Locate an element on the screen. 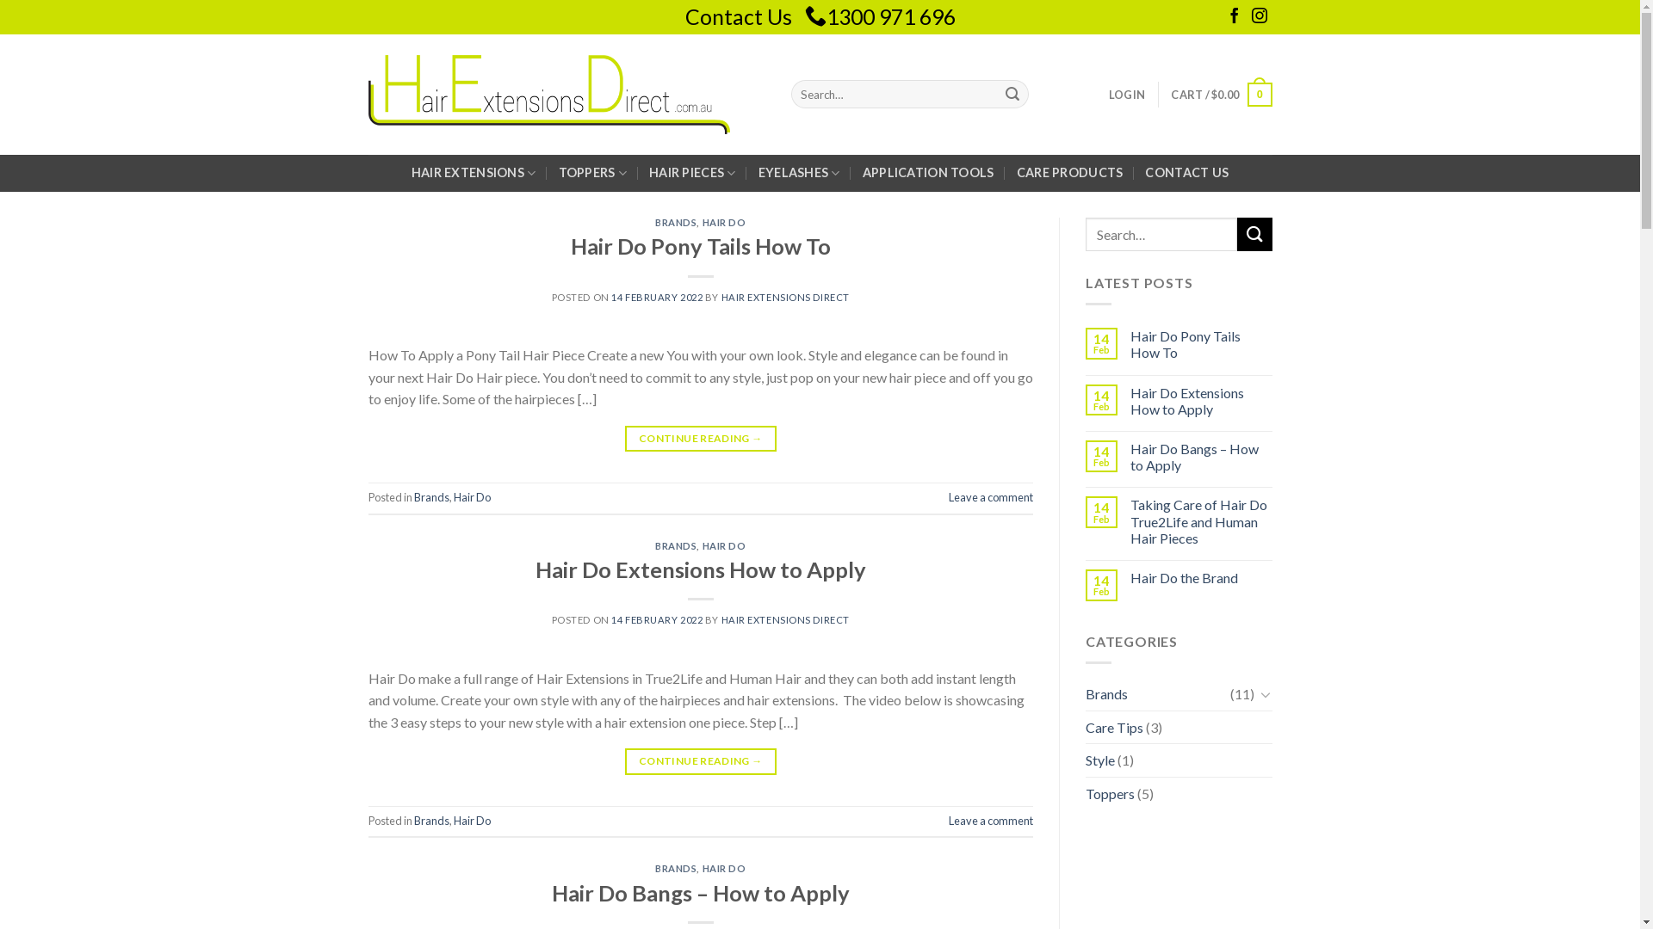 This screenshot has width=1653, height=929. 'HAIR EXTENSIONS' is located at coordinates (474, 173).